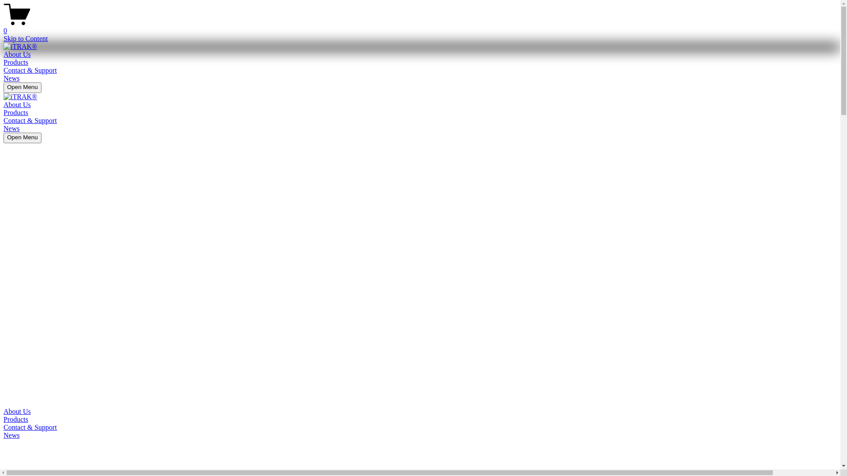  Describe the element at coordinates (4, 427) in the screenshot. I see `'Contact & Support'` at that location.